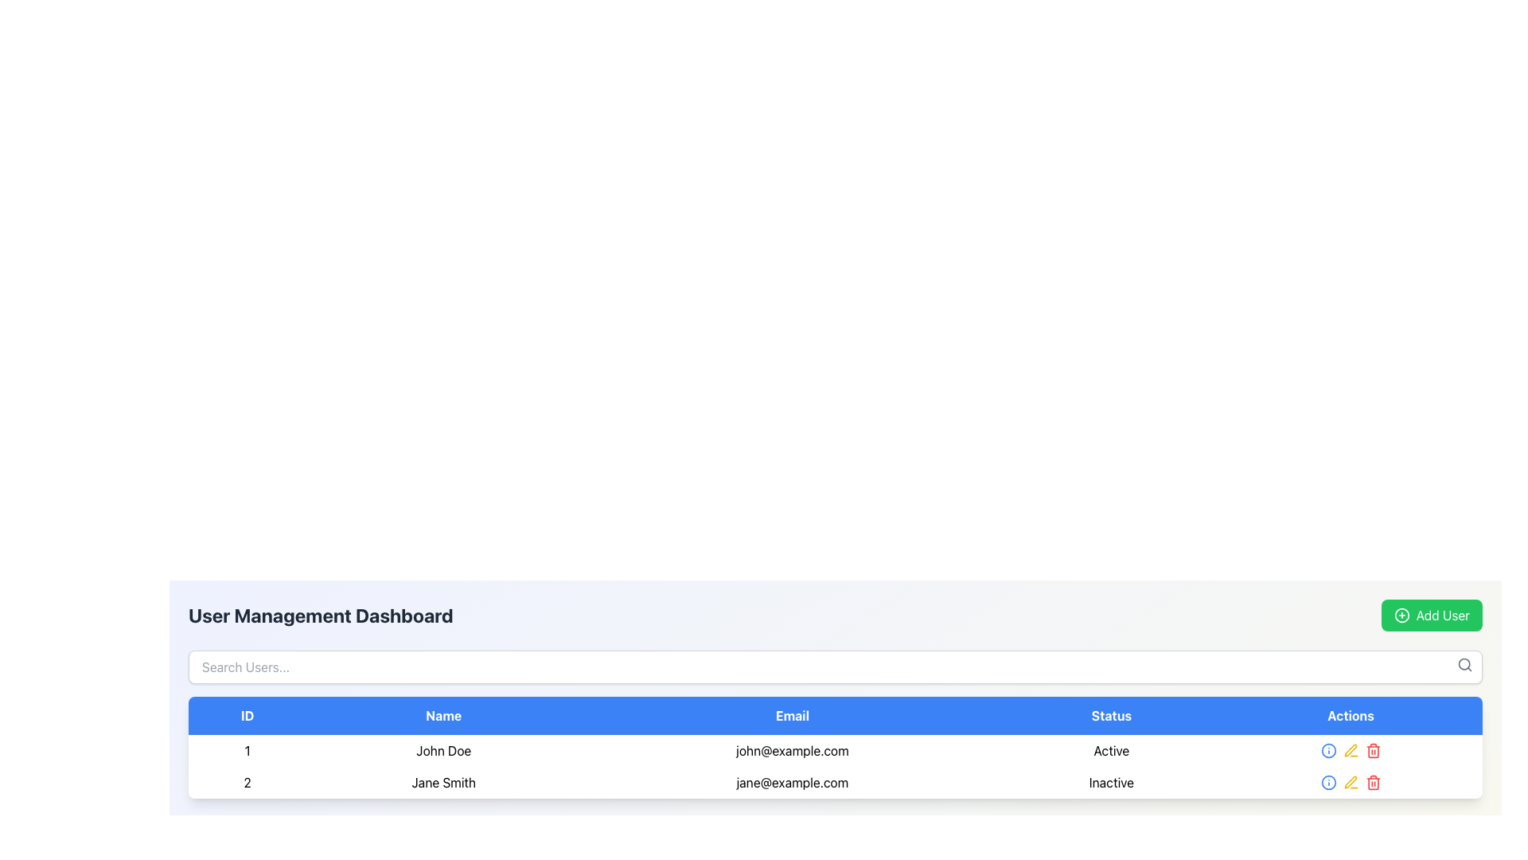  Describe the element at coordinates (1350, 750) in the screenshot. I see `the yellow Interactive Icon shaped like a line intersecting a thick, rounded polygon, located at the far-right end of a table row, to initiate the edit action` at that location.